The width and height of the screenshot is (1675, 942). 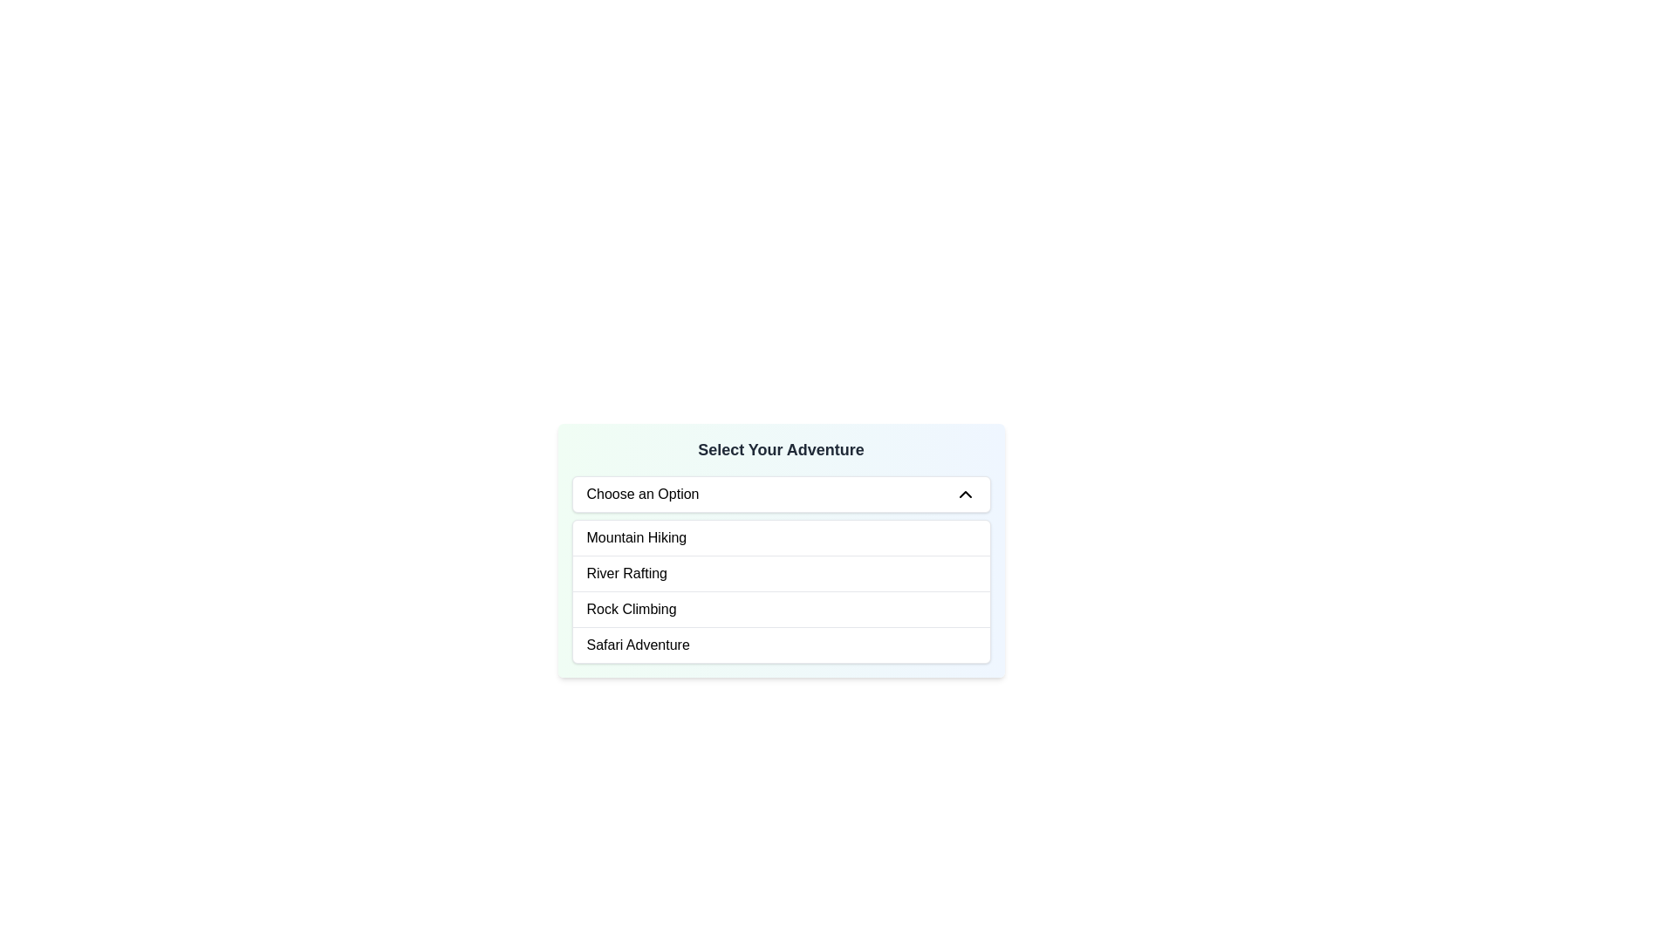 What do you see at coordinates (780, 573) in the screenshot?
I see `the list item labeled 'River Rafting'` at bounding box center [780, 573].